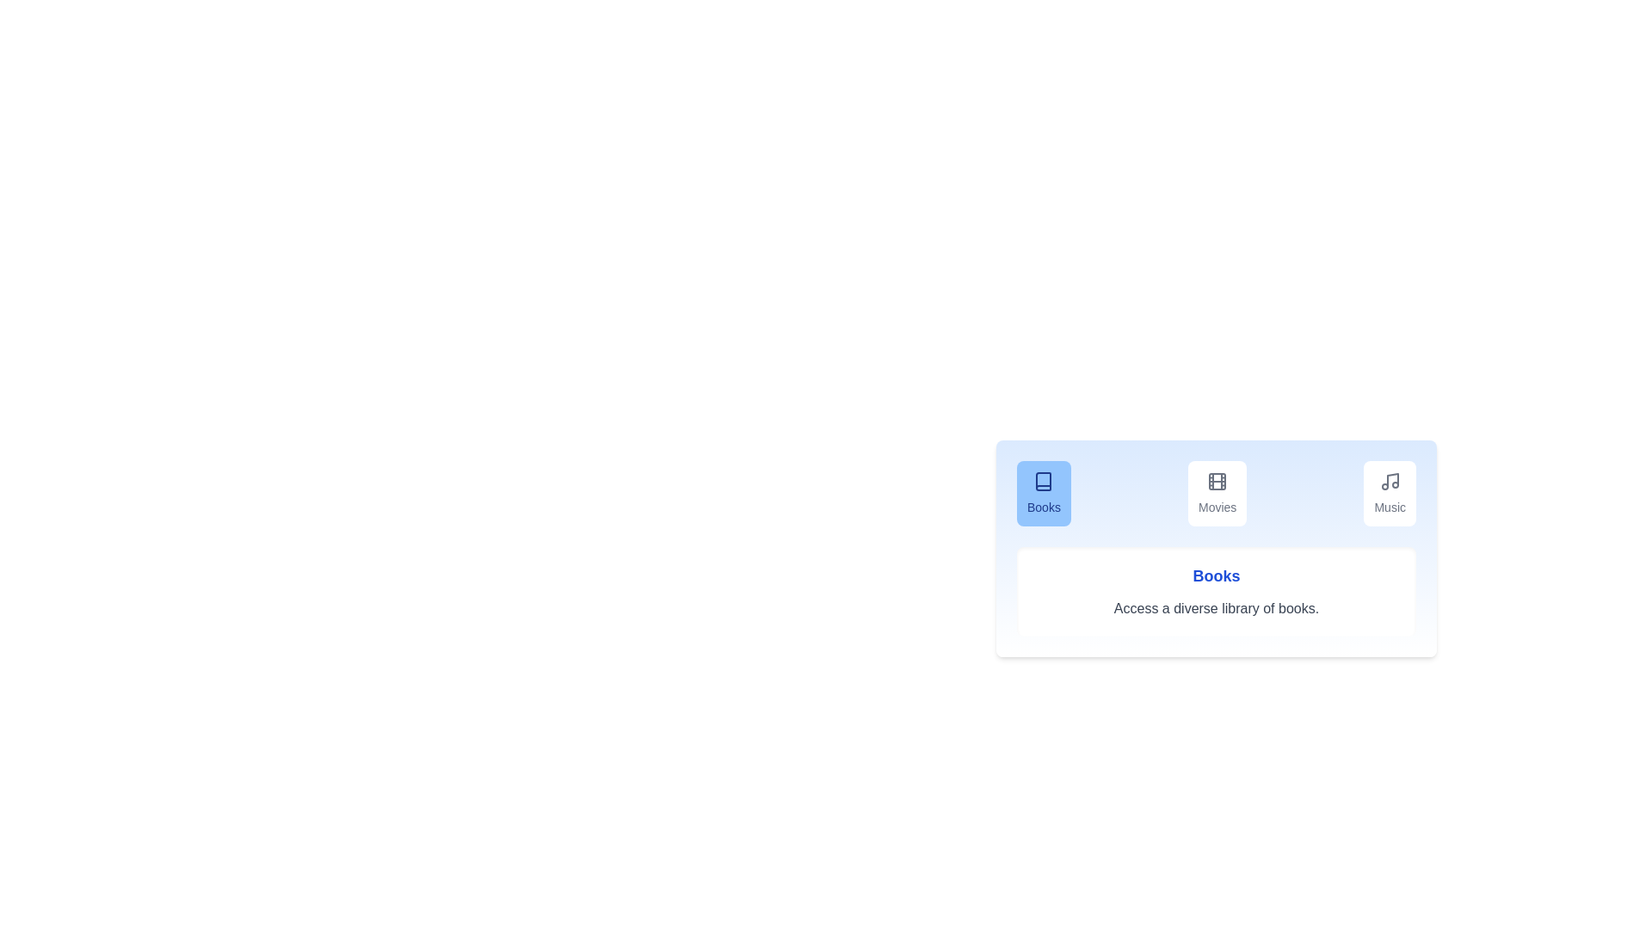 Image resolution: width=1652 pixels, height=929 pixels. I want to click on the Movies tab by clicking on its button, so click(1217, 494).